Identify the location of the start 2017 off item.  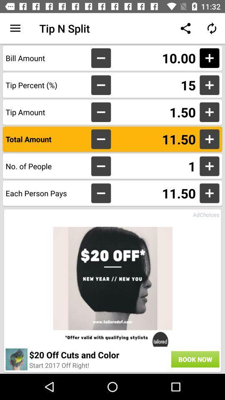
(59, 365).